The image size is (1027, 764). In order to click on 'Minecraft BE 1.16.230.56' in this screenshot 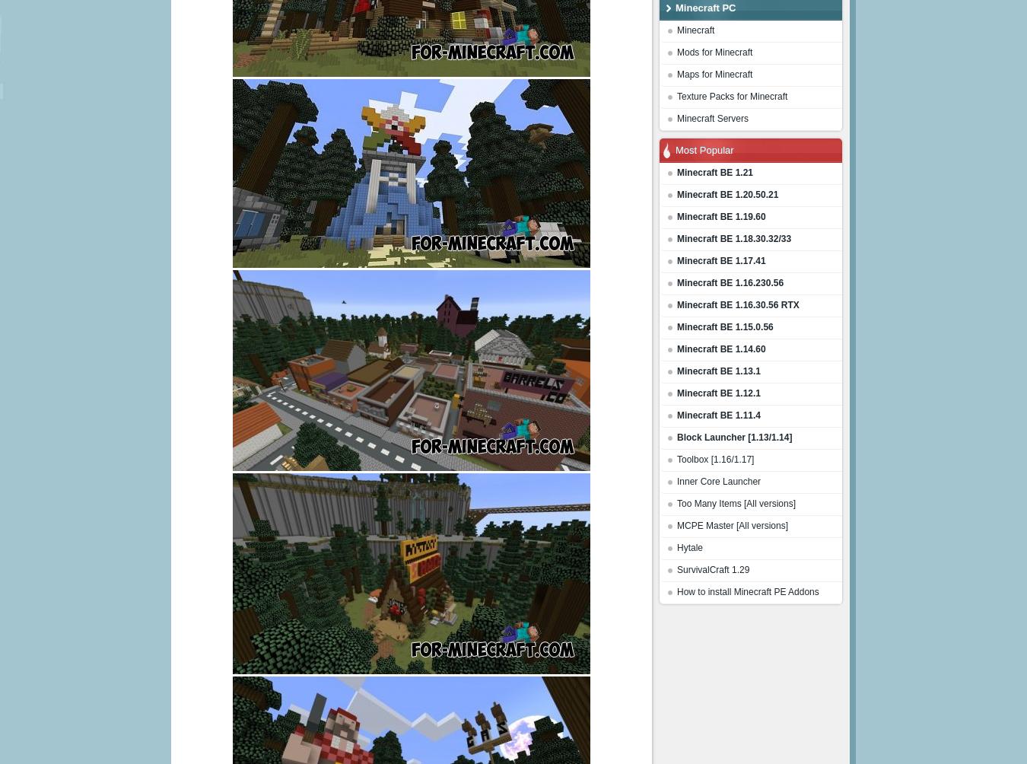, I will do `click(729, 282)`.